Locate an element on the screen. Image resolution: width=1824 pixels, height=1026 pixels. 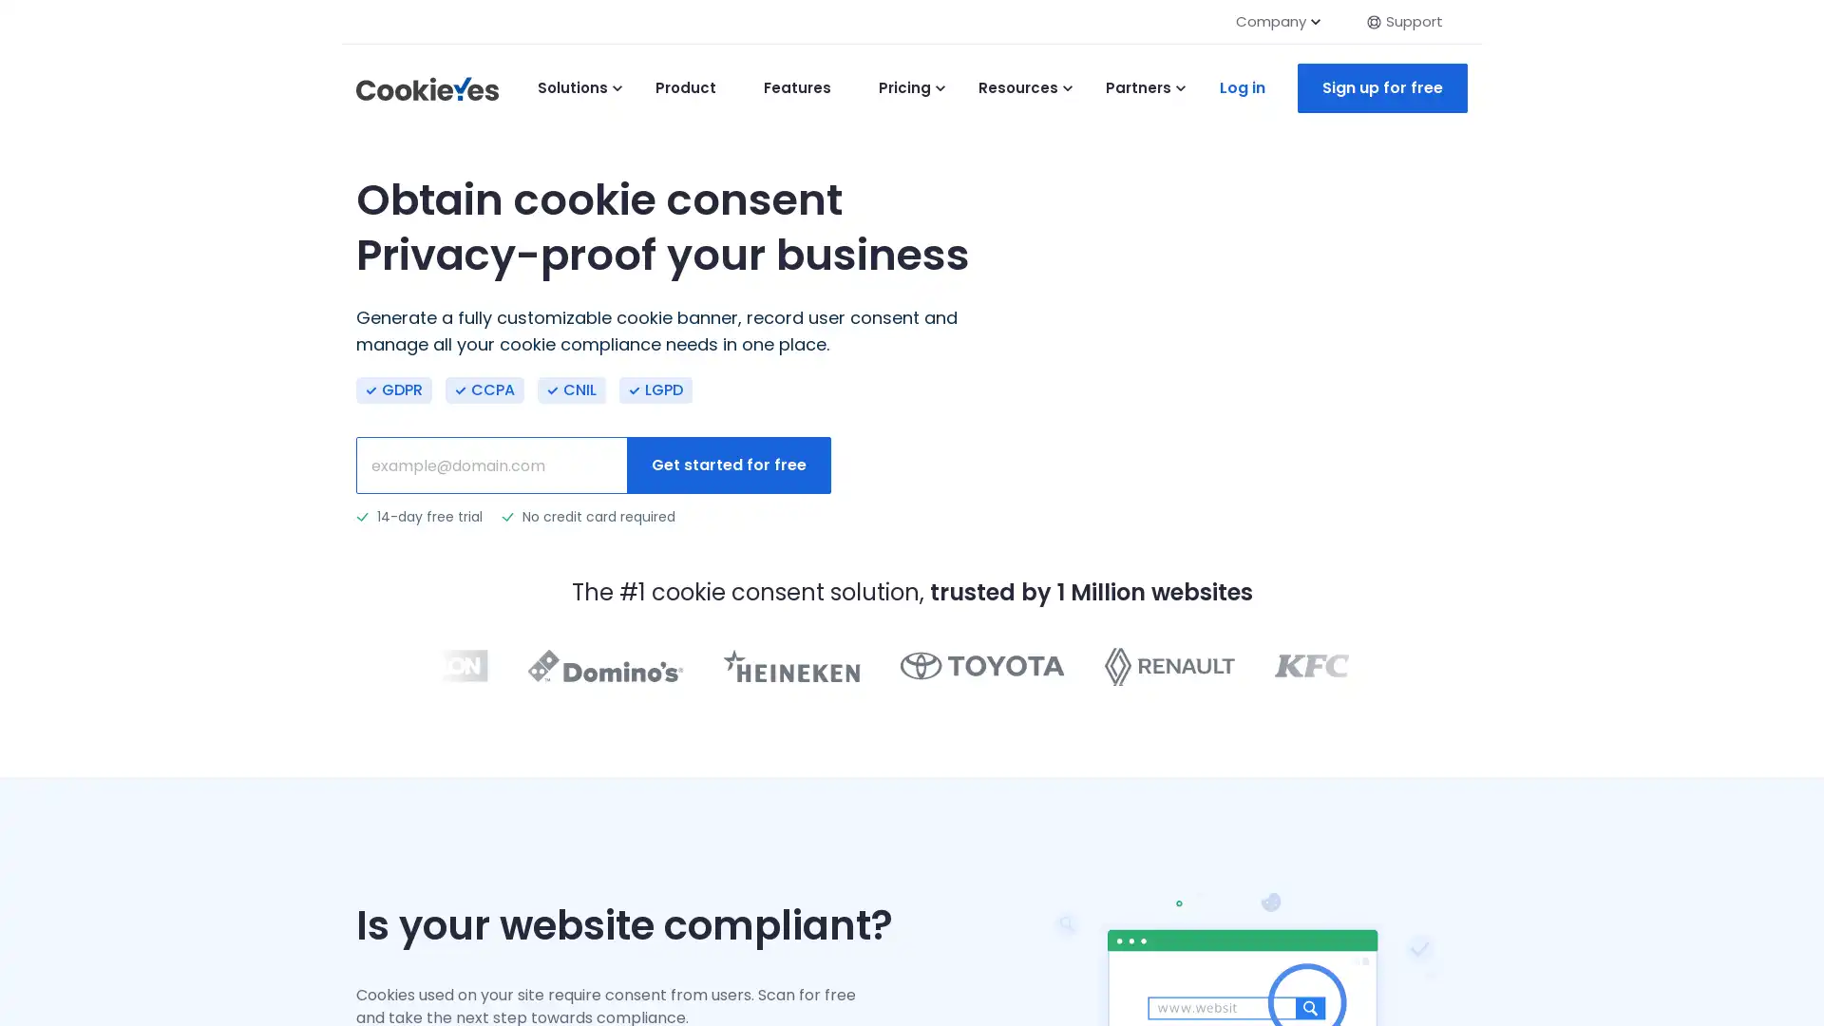
Reject All is located at coordinates (246, 946).